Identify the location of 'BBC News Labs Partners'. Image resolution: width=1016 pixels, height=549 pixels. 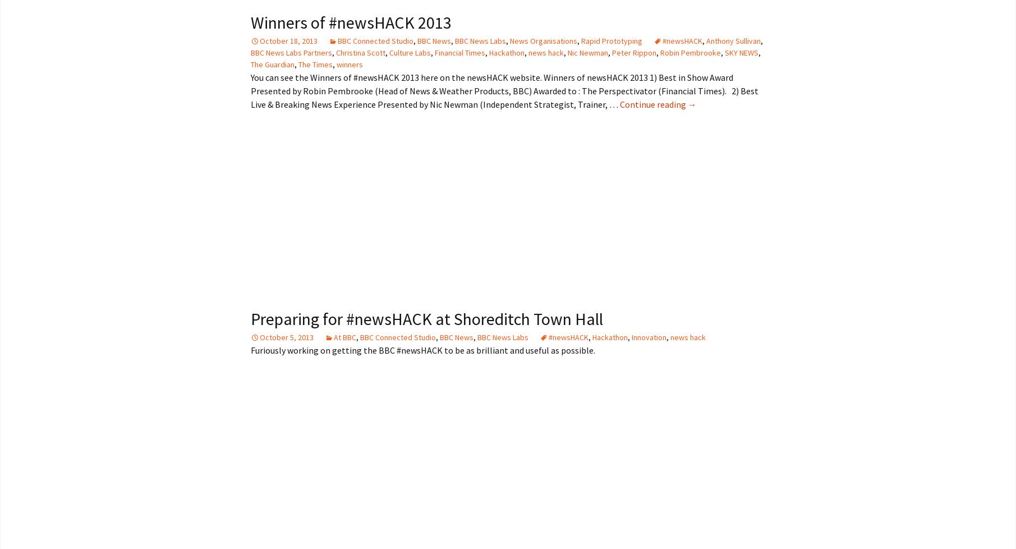
(290, 52).